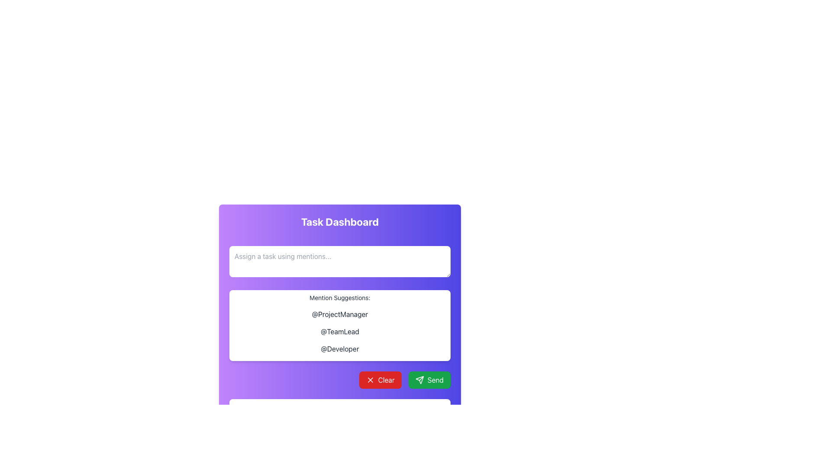 Image resolution: width=831 pixels, height=467 pixels. Describe the element at coordinates (339, 331) in the screenshot. I see `the second item in the mention suggestions list` at that location.